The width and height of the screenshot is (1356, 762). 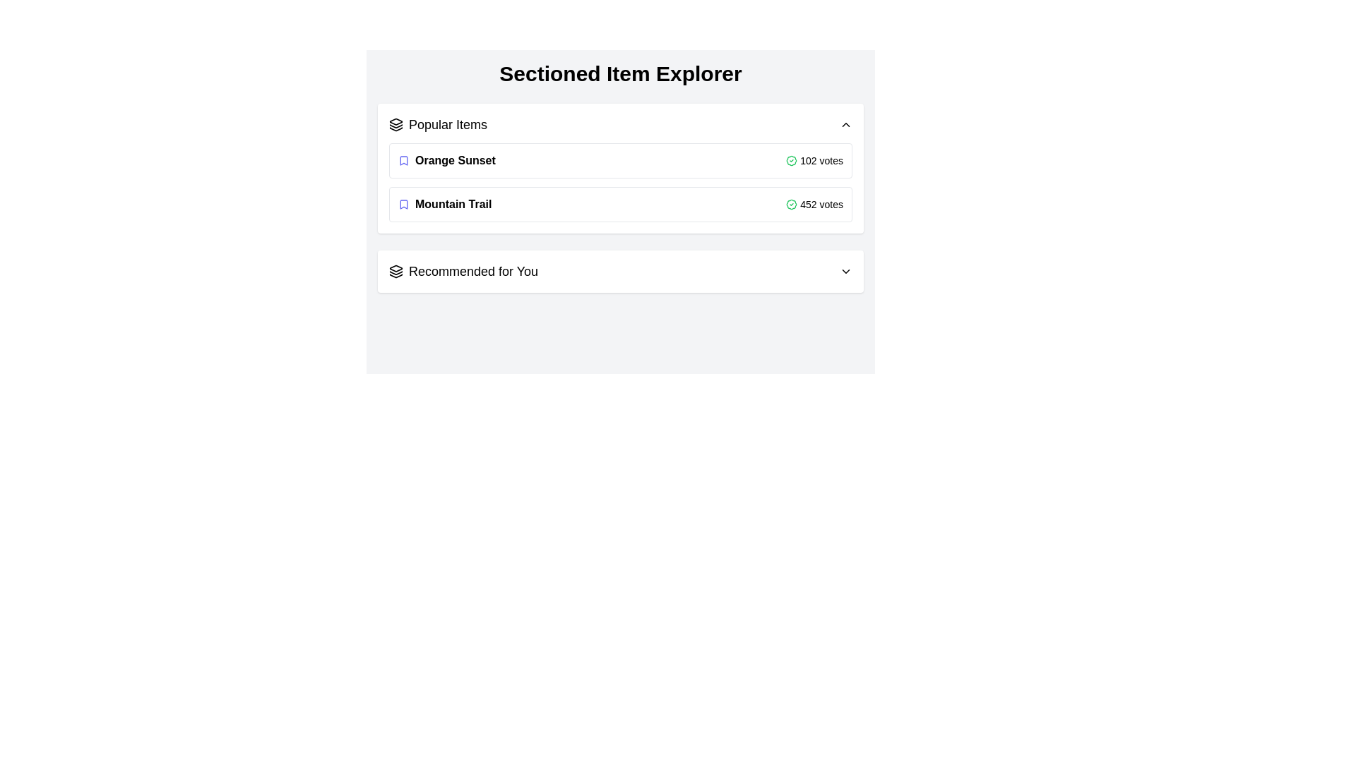 I want to click on the layered stack icon with a black outline, located at the top-left corner of the Popular Items section, so click(x=395, y=268).